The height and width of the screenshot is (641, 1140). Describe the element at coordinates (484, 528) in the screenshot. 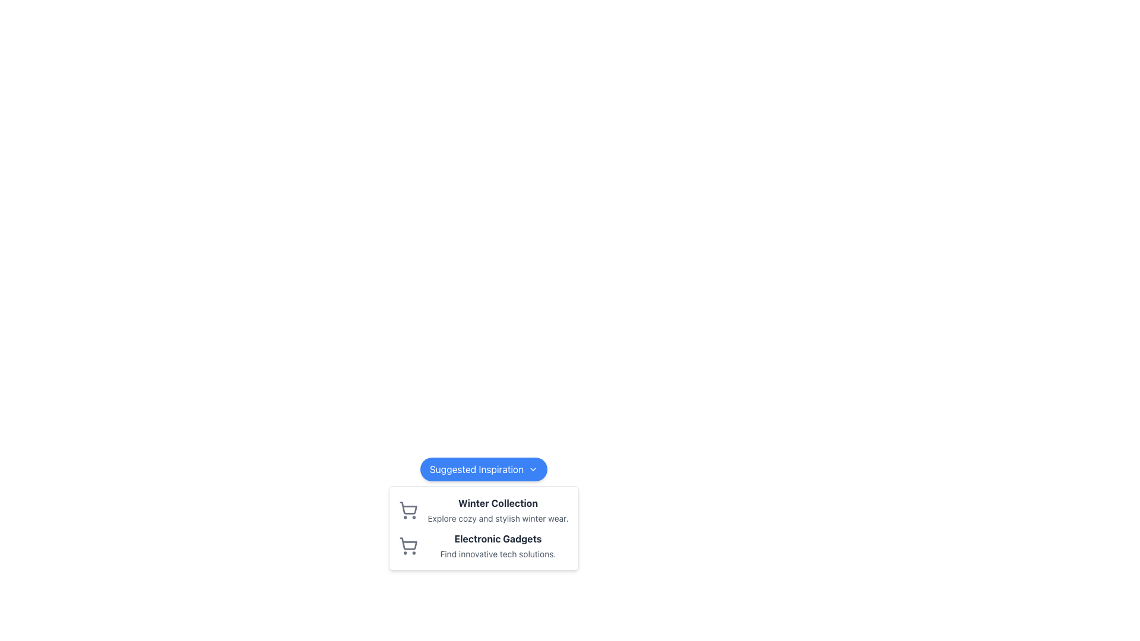

I see `the individual sections or titles within the Popup box containing item categories, positioned directly below the 'Suggested Inspiration' button` at that location.